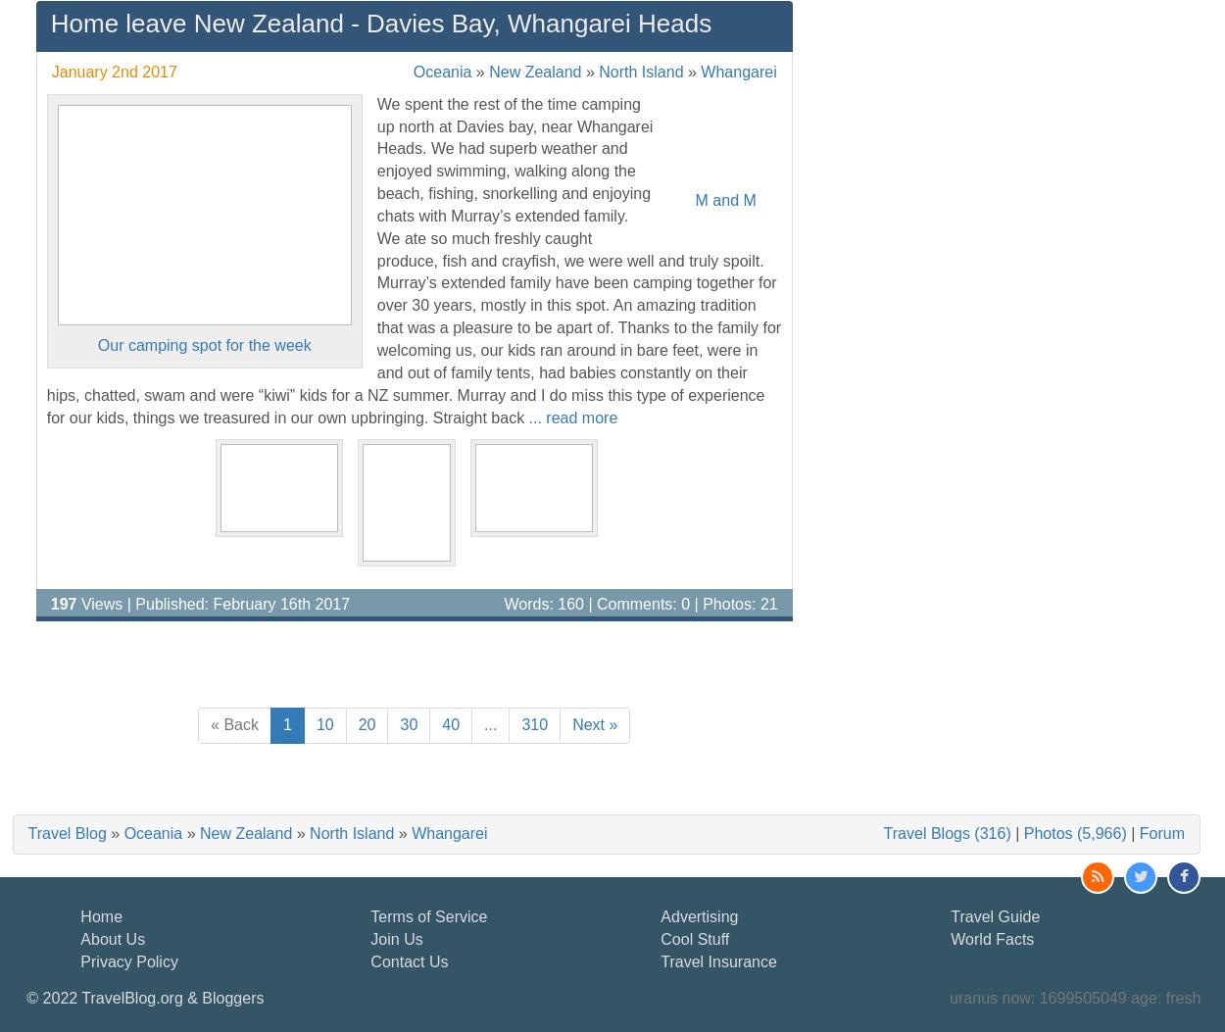 The image size is (1225, 1032). Describe the element at coordinates (1074, 997) in the screenshot. I see `'uranus  now: 1699505049 age: fresh'` at that location.